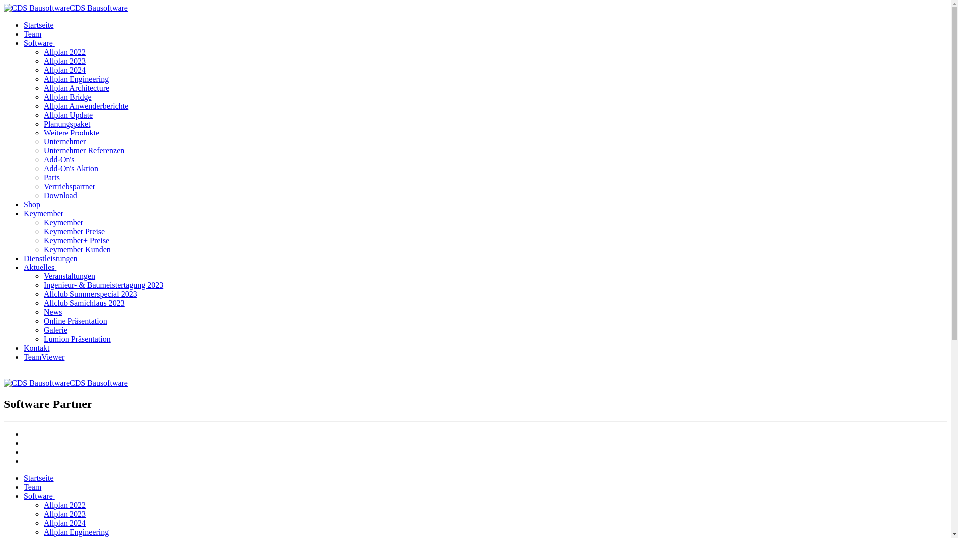 The width and height of the screenshot is (958, 538). I want to click on 'Allplan 2024', so click(64, 522).